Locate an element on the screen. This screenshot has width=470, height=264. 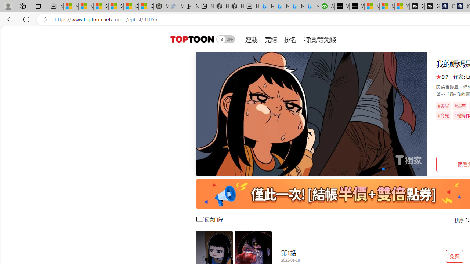
'Class:  switch_18mode actionAdultBtn' is located at coordinates (225, 39).